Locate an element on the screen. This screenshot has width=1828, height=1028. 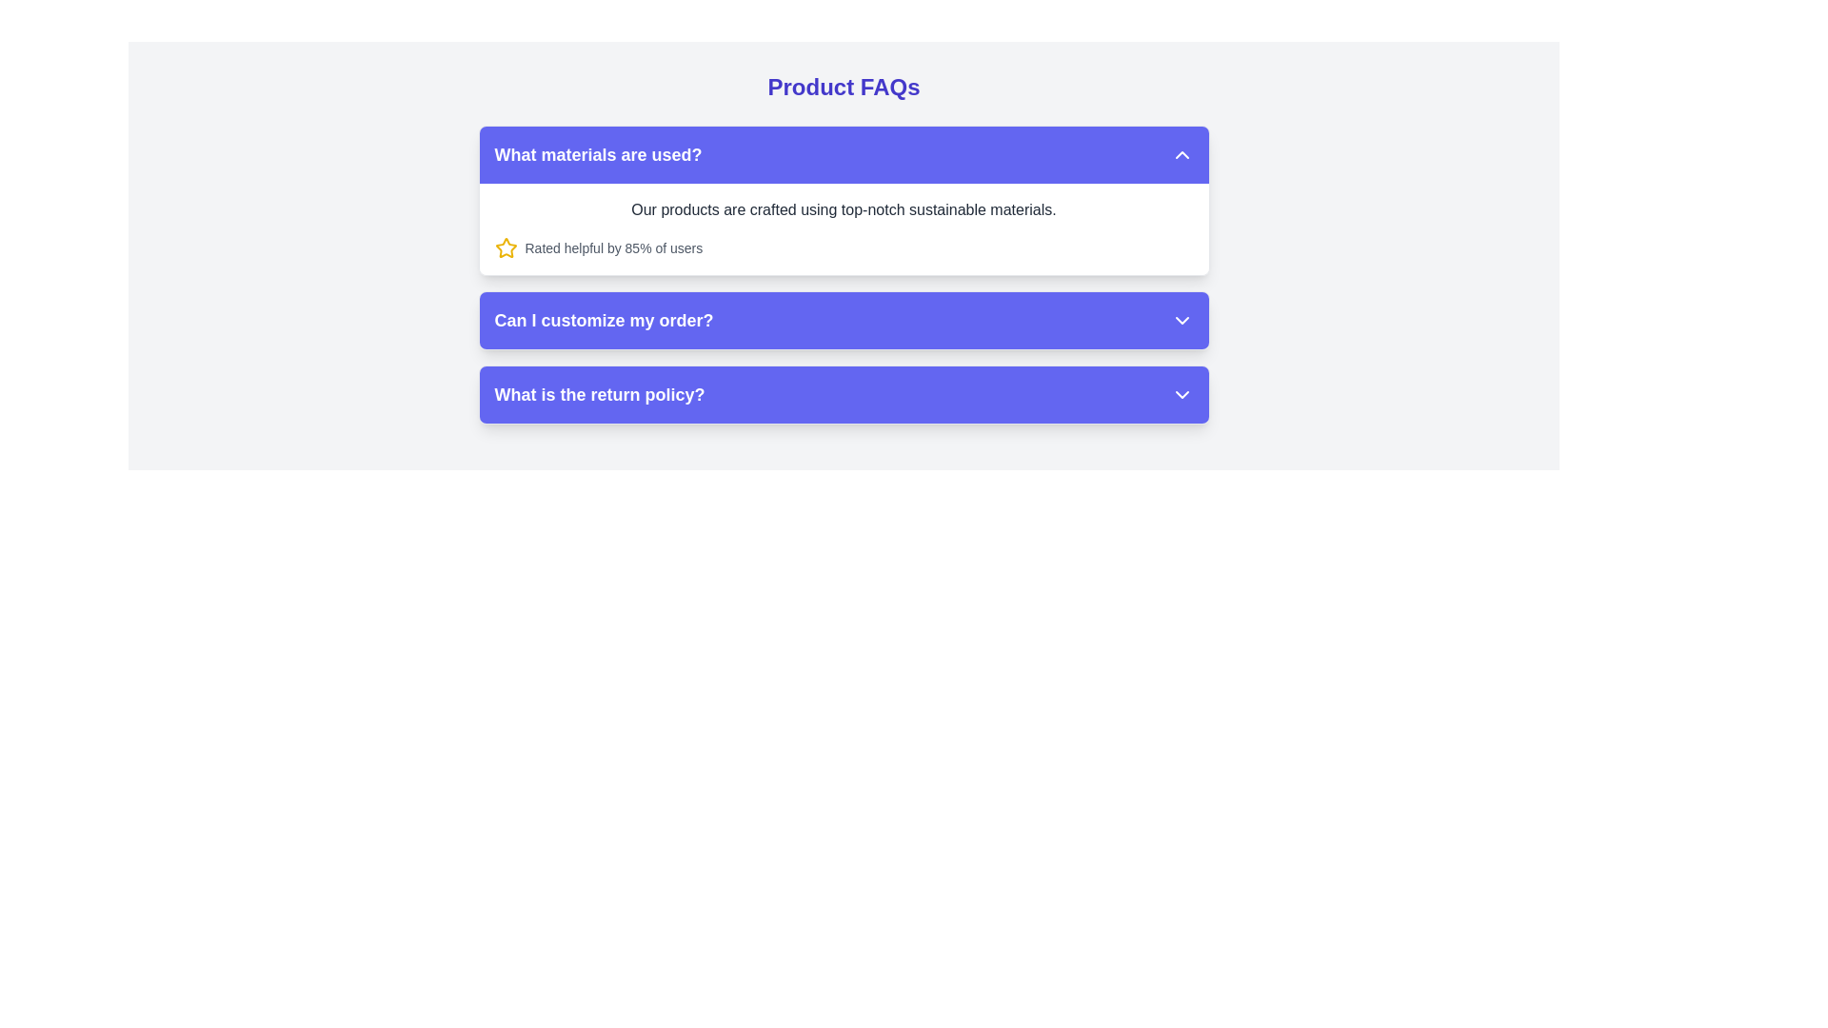
the downward-pointing chevron icon with a white stroke on a blue background, located at the far right of the 'What is the return policy?' row in the FAQ section is located at coordinates (1181, 394).